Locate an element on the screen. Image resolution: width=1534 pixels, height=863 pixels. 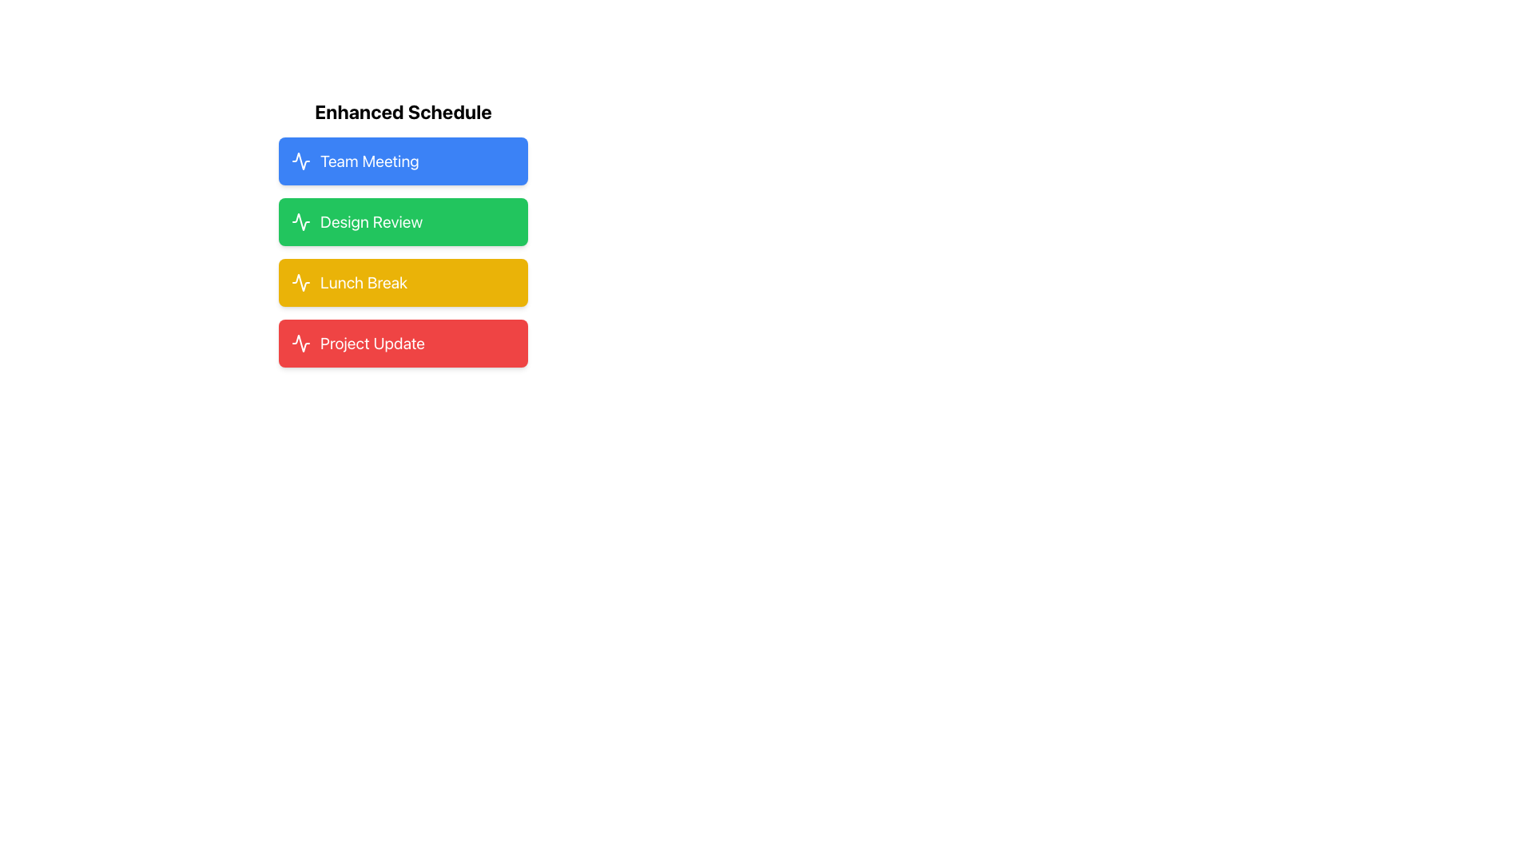
the decorative vector graphic resembling a waveform in the 'Lunch Break' section of the vertical list of colored blocks is located at coordinates (301, 282).